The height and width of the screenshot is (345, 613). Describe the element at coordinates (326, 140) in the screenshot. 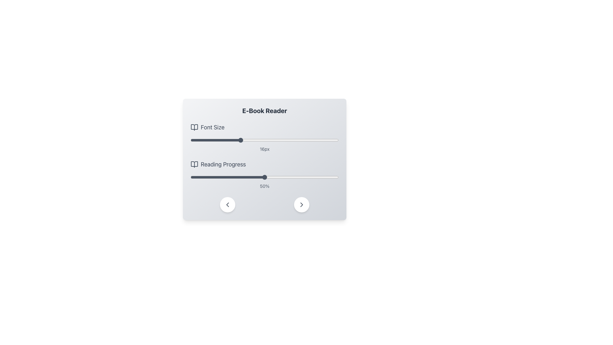

I see `the font size` at that location.